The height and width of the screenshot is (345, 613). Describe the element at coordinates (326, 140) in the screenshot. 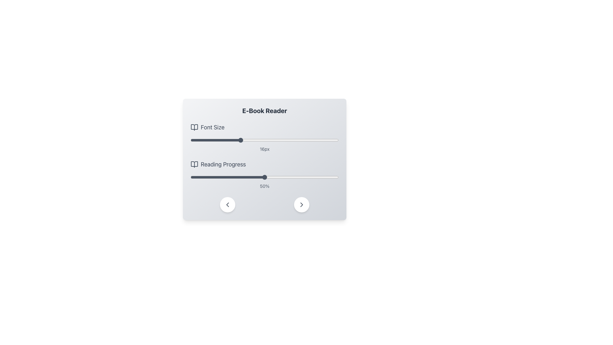

I see `the font size` at that location.